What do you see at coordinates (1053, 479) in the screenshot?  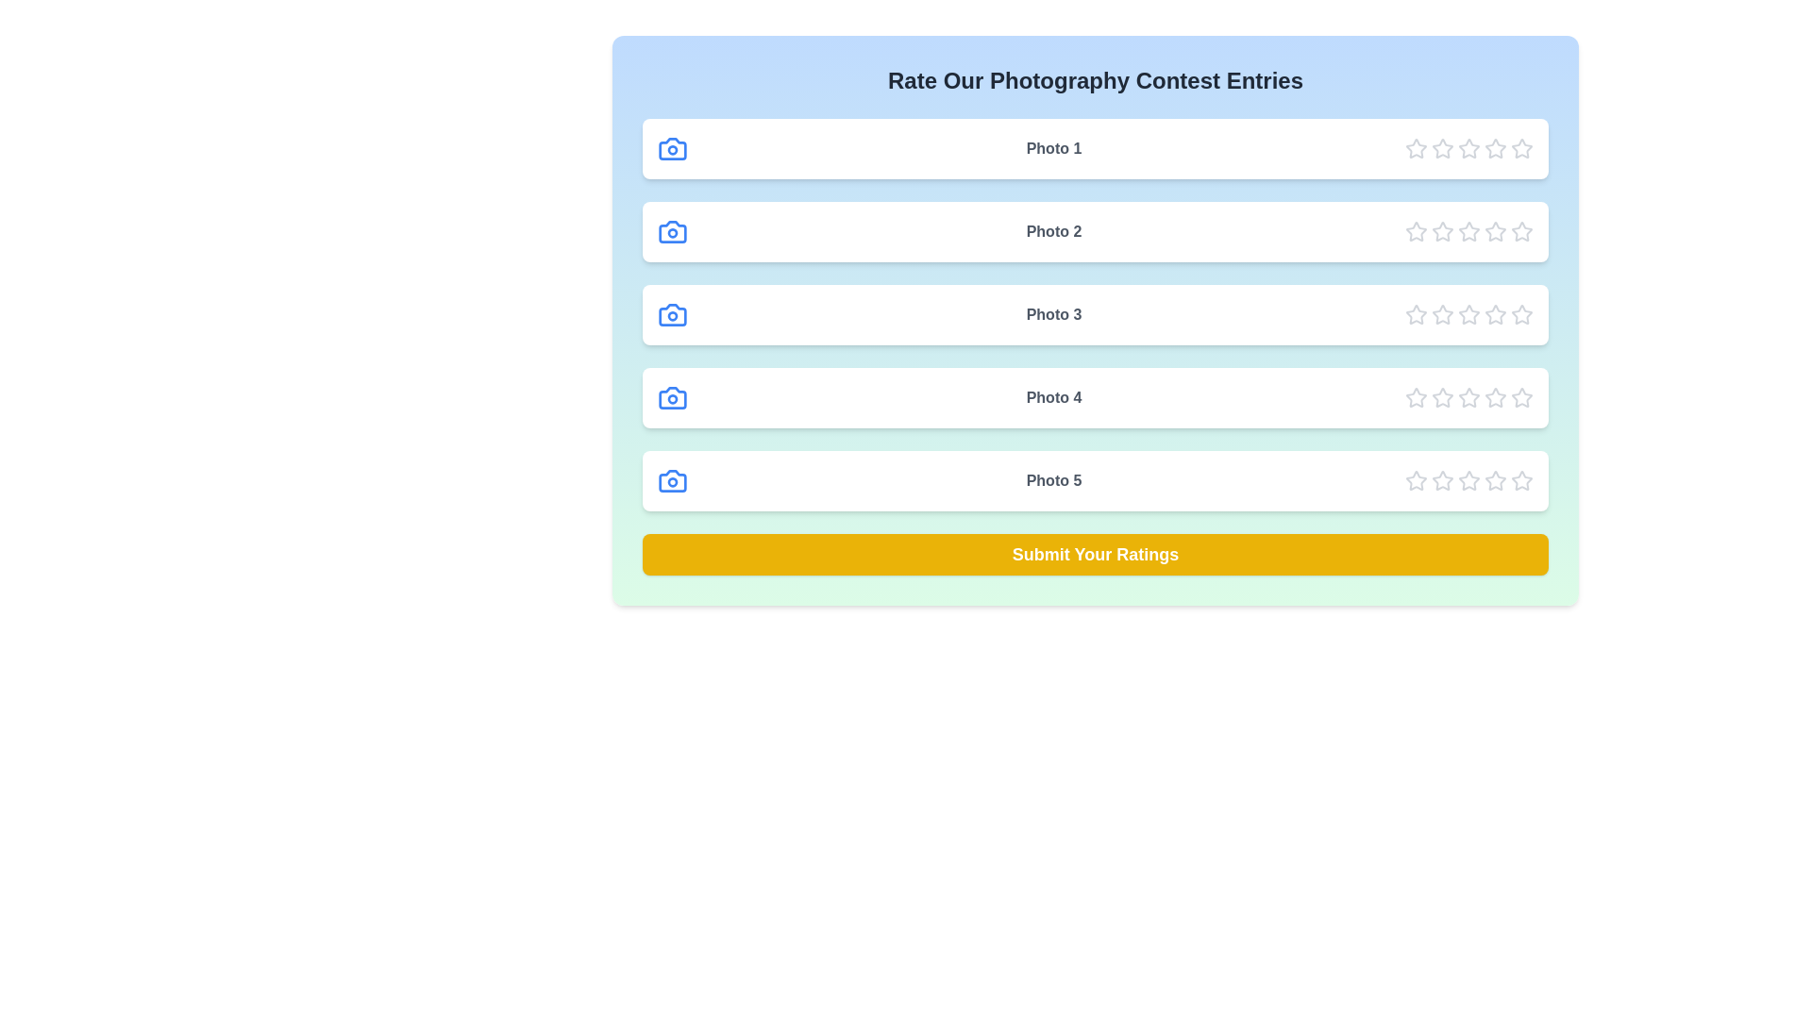 I see `the photo title Photo 5 to select or highlight it` at bounding box center [1053, 479].